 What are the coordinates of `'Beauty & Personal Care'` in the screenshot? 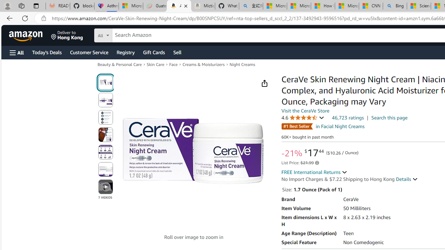 It's located at (120, 65).